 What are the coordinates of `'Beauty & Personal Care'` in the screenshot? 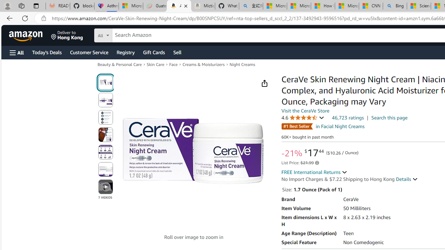 It's located at (120, 65).